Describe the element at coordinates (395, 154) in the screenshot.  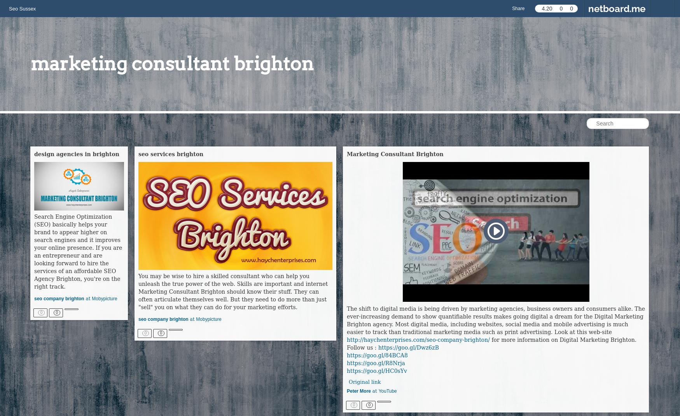
I see `'Marketing Consultant Brighton'` at that location.